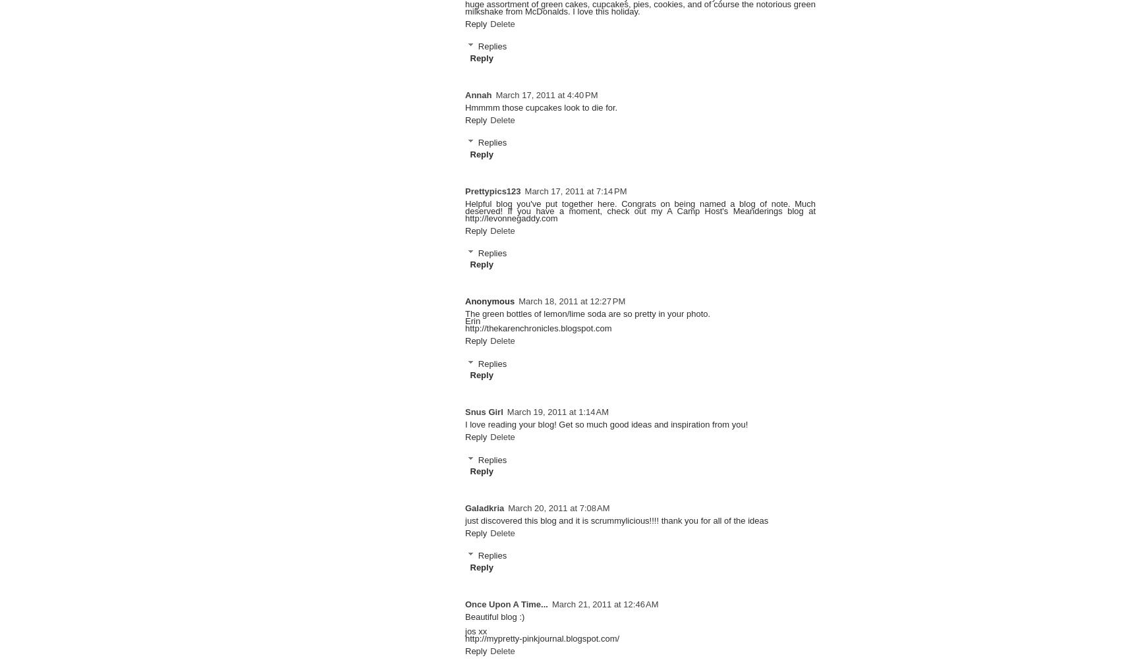  What do you see at coordinates (505, 603) in the screenshot?
I see `'Once Upon A Time...'` at bounding box center [505, 603].